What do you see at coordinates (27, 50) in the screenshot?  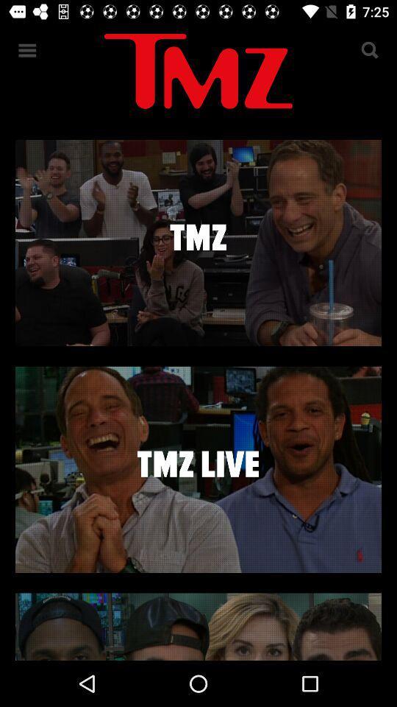 I see `side menu` at bounding box center [27, 50].